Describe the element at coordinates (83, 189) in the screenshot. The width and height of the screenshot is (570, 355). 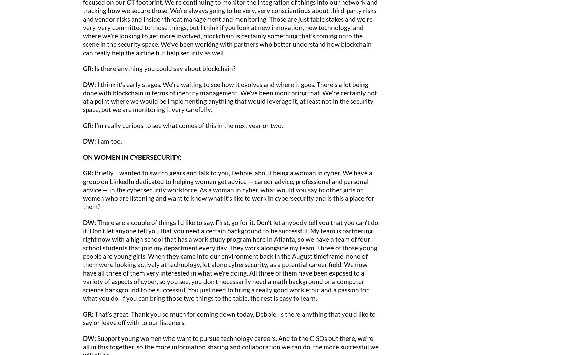
I see `'Briefly, I wanted to switch gears and talk to you, Debbie, about being a woman in cyber. We have a group on LinkedIn dedicated to helping women get advice — career advice, professional and personal advice — in the cybersecurity workforce. As a woman in cyber, what would you say to other girls or women who are listening and want to know what it’s like to work in cybersecurity and is this a place for them?'` at that location.